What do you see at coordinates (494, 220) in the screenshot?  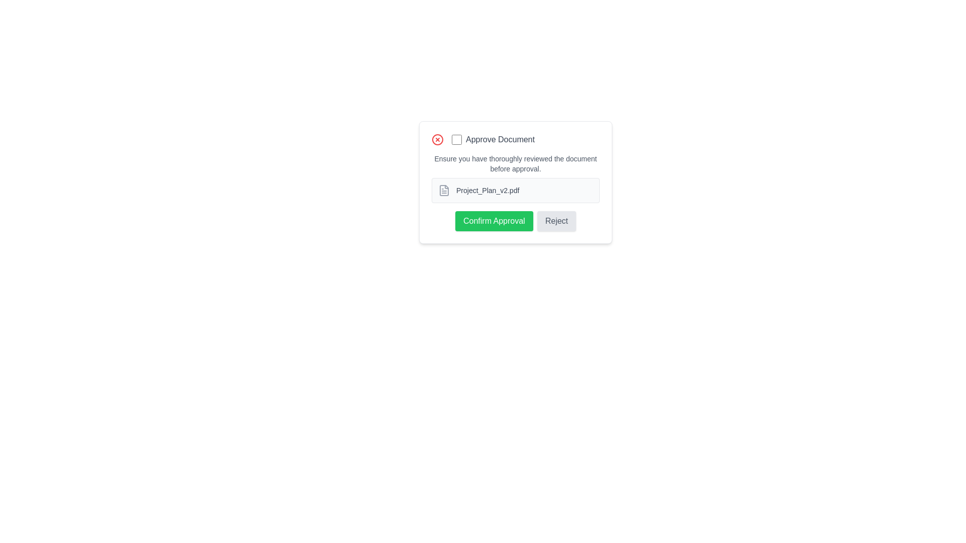 I see `the green 'Confirm Approval' button` at bounding box center [494, 220].